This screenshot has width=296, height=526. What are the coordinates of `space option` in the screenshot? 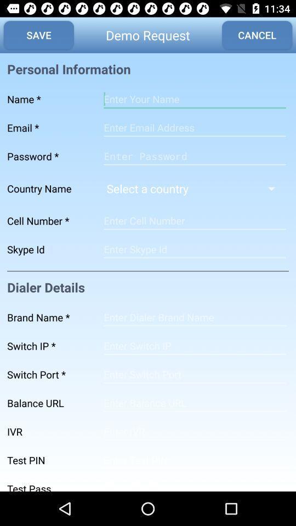 It's located at (194, 374).